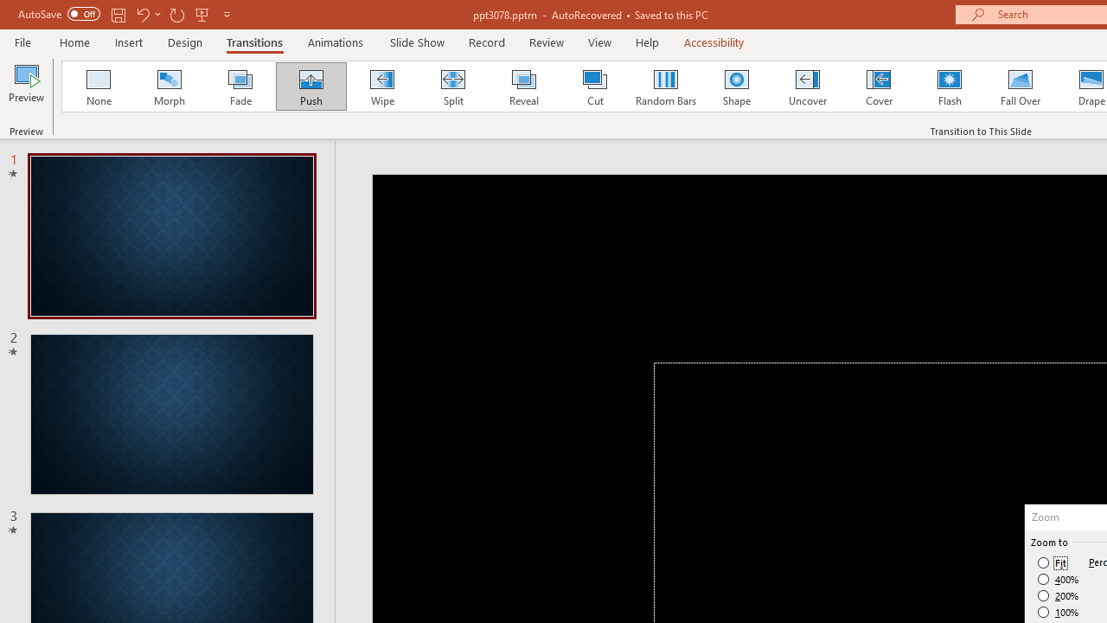 This screenshot has height=623, width=1107. I want to click on 'Flash', so click(949, 87).